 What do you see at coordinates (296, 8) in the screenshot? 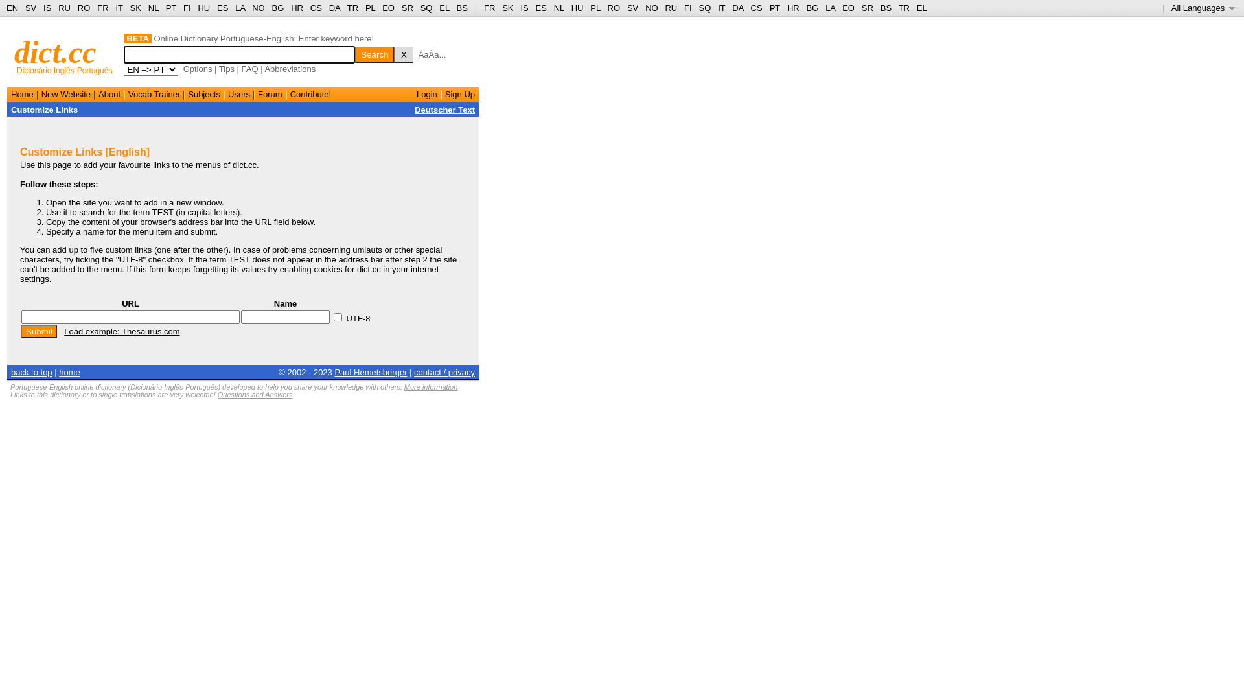
I see `'HR'` at bounding box center [296, 8].